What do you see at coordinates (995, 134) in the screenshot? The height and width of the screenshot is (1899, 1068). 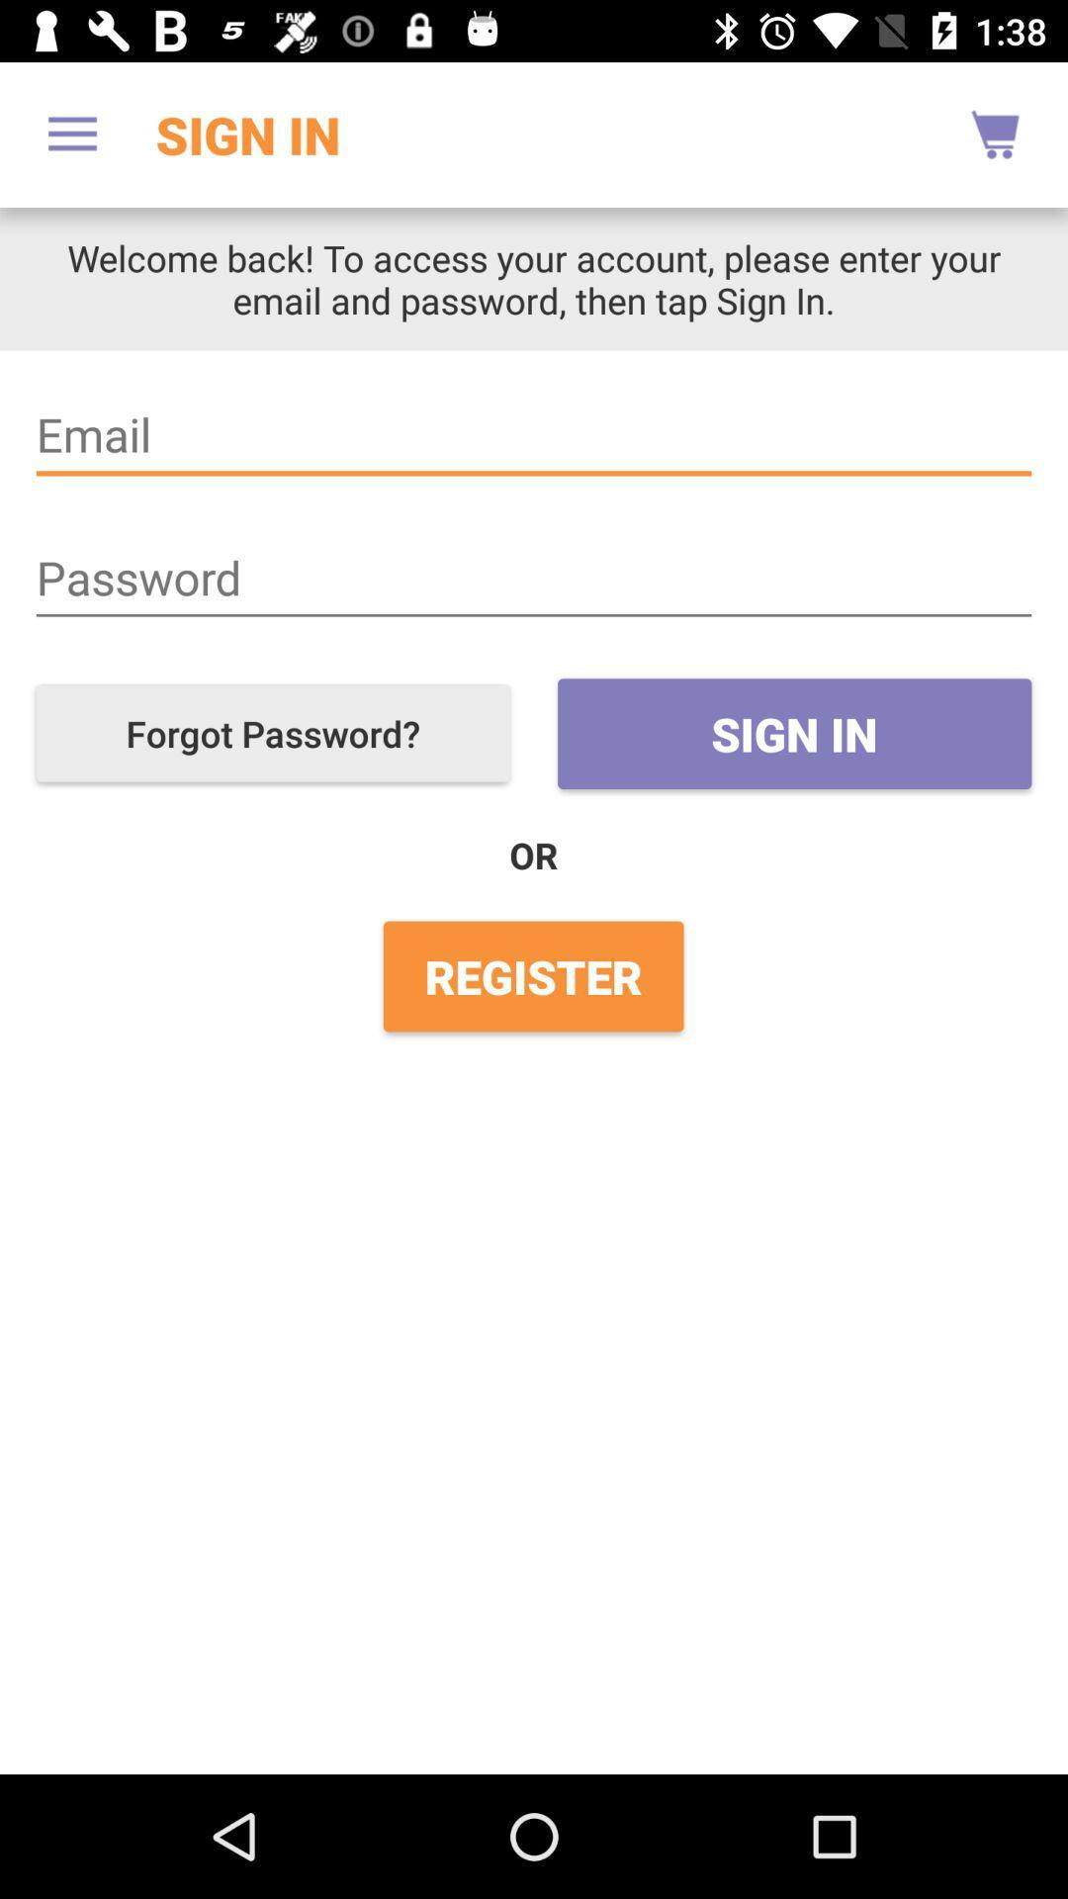 I see `icon above the welcome back to icon` at bounding box center [995, 134].